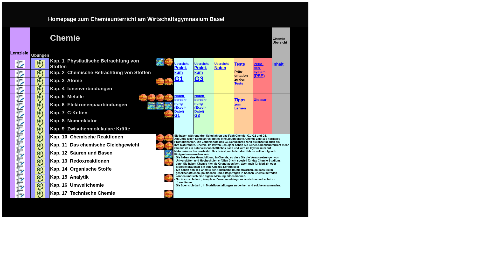 This screenshot has width=498, height=280. Describe the element at coordinates (178, 72) in the screenshot. I see `'kum'` at that location.